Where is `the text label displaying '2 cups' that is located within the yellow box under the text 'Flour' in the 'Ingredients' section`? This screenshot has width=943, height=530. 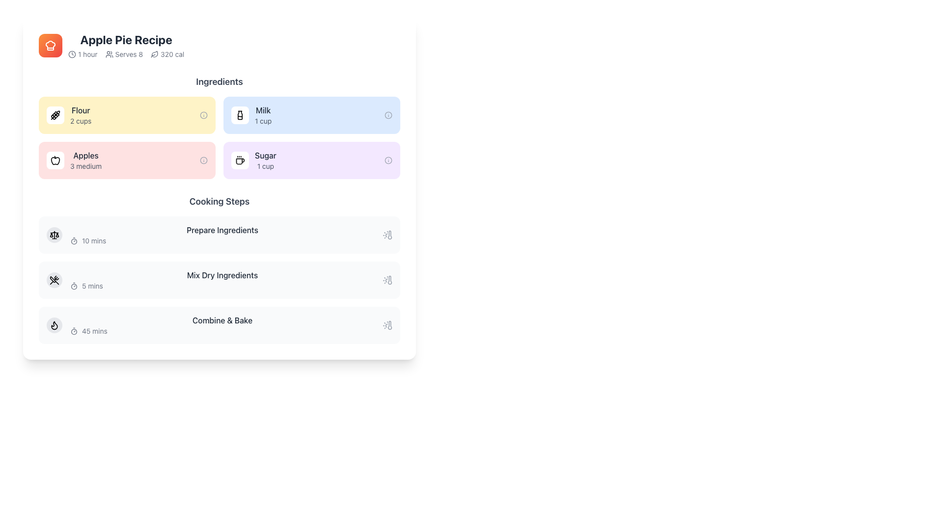
the text label displaying '2 cups' that is located within the yellow box under the text 'Flour' in the 'Ingredients' section is located at coordinates (81, 120).